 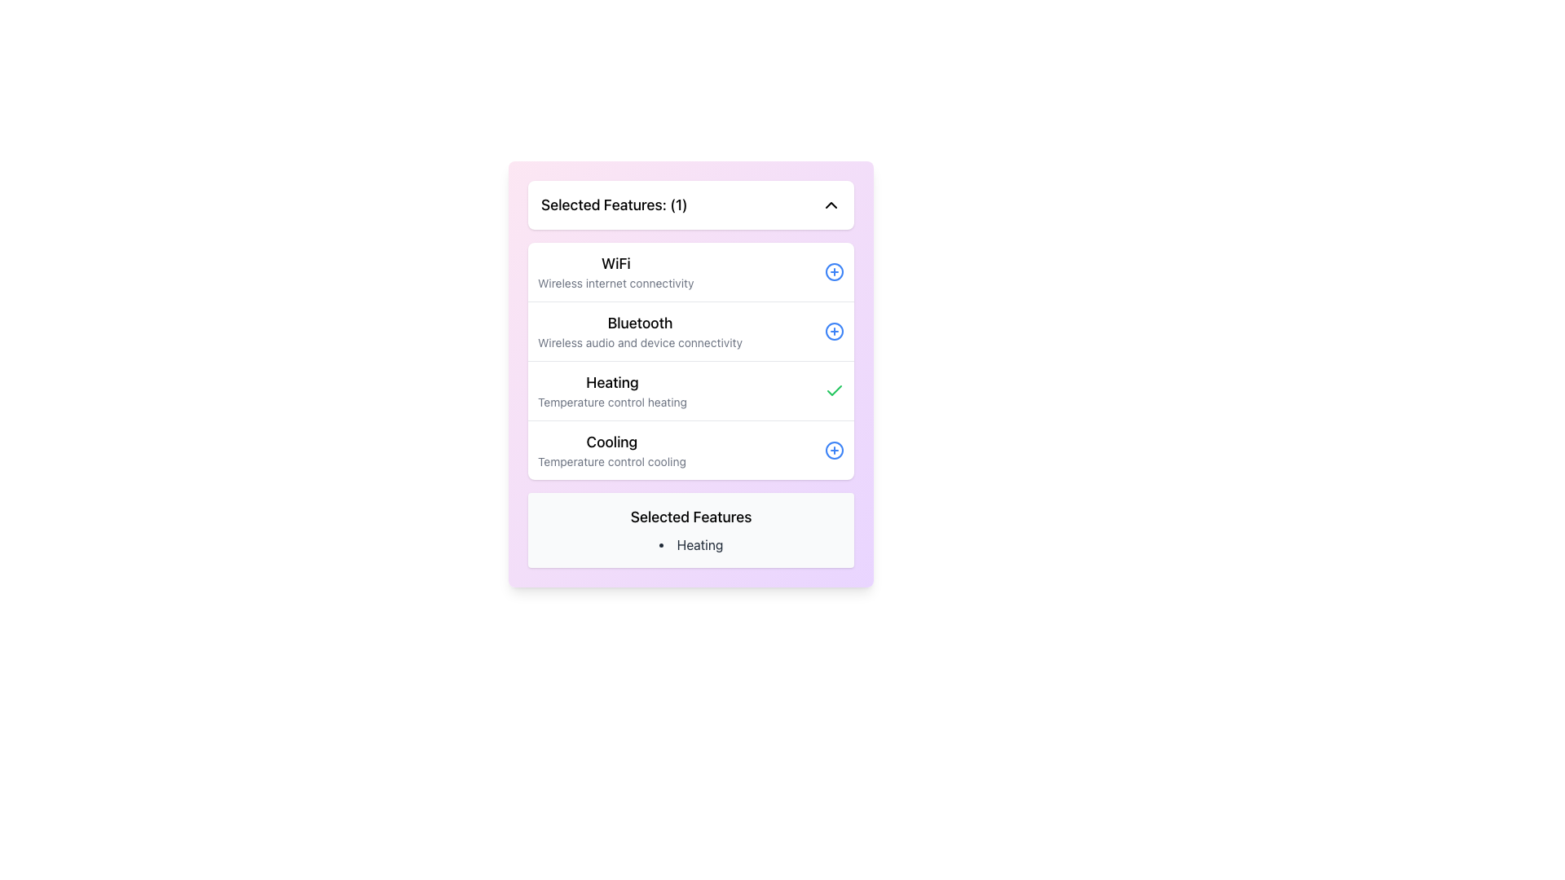 What do you see at coordinates (639, 341) in the screenshot?
I see `the non-interactive Text label providing additional details about the 'Bluetooth' feature, located directly underneath the 'Bluetooth' heading` at bounding box center [639, 341].